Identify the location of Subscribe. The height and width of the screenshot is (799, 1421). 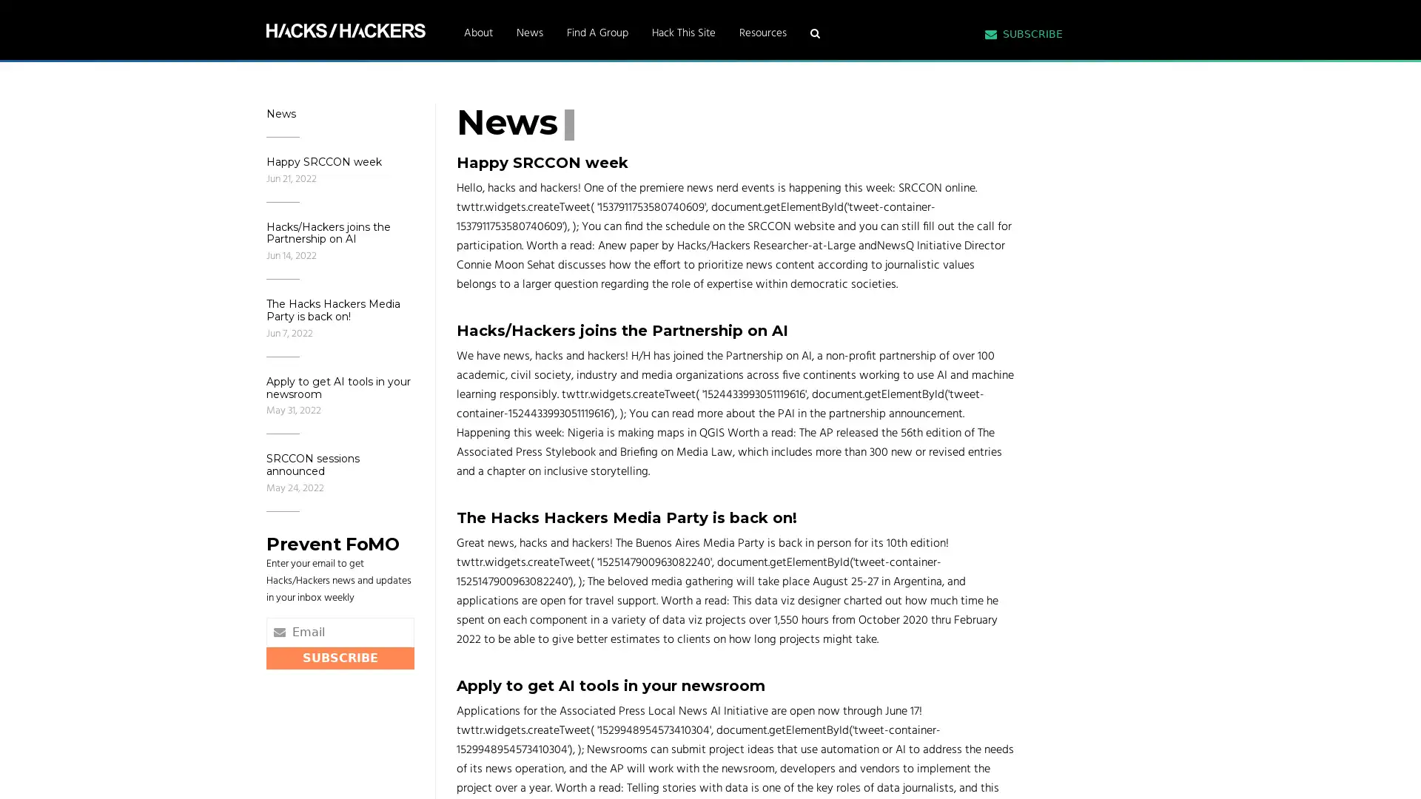
(340, 656).